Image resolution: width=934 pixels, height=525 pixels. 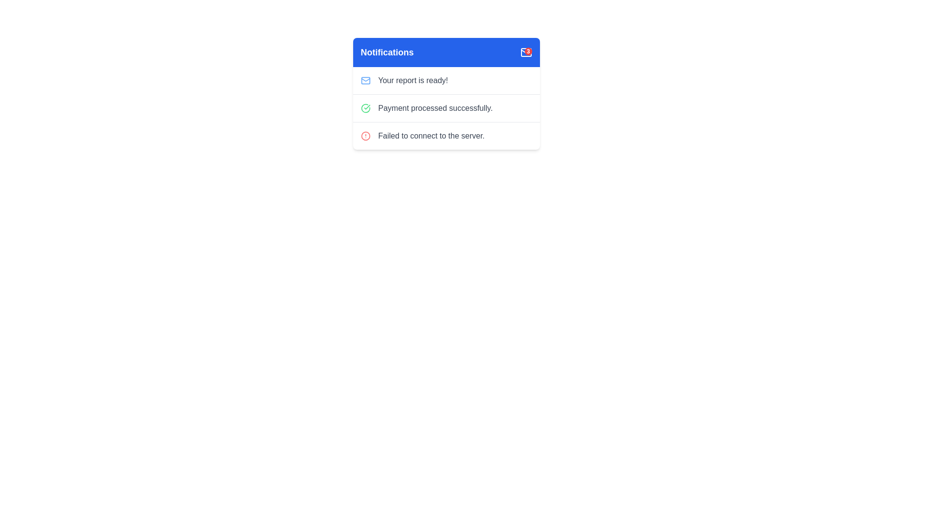 What do you see at coordinates (446, 93) in the screenshot?
I see `the individual notifications within the Notifications panel, which has a blue header and a red badge indicating '3' notifications` at bounding box center [446, 93].